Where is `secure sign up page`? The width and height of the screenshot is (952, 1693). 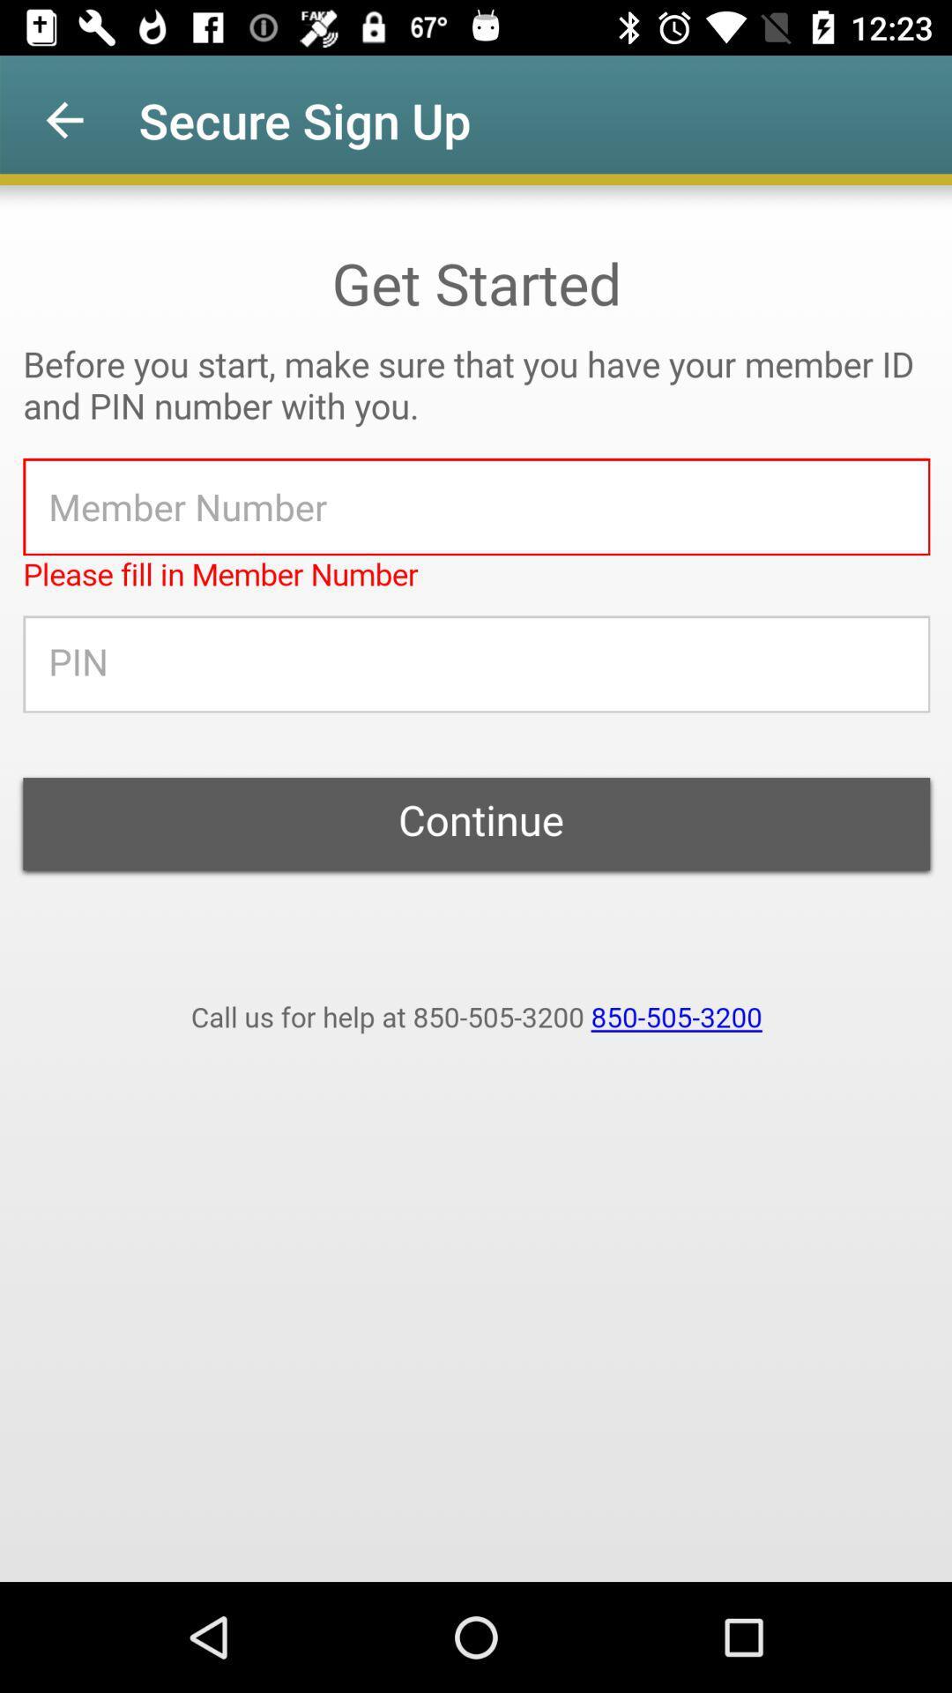 secure sign up page is located at coordinates (476, 884).